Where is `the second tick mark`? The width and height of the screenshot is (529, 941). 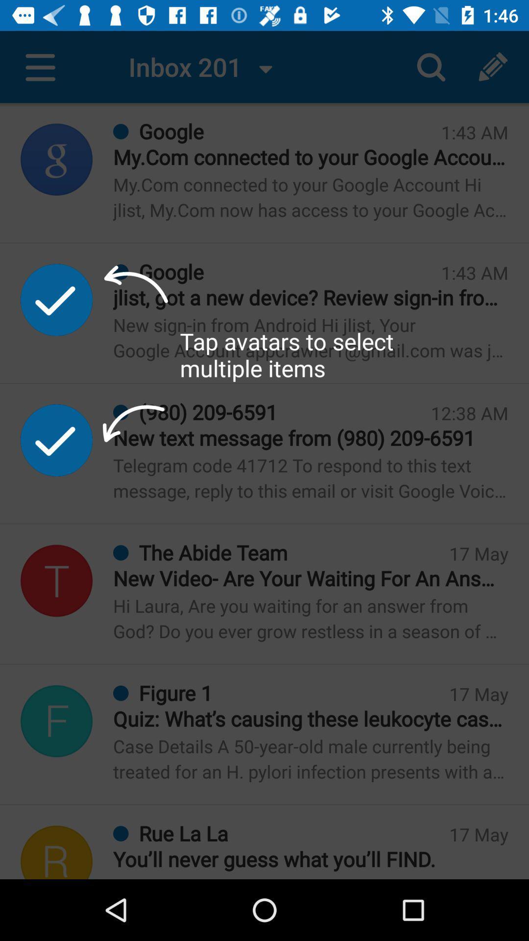 the second tick mark is located at coordinates (56, 440).